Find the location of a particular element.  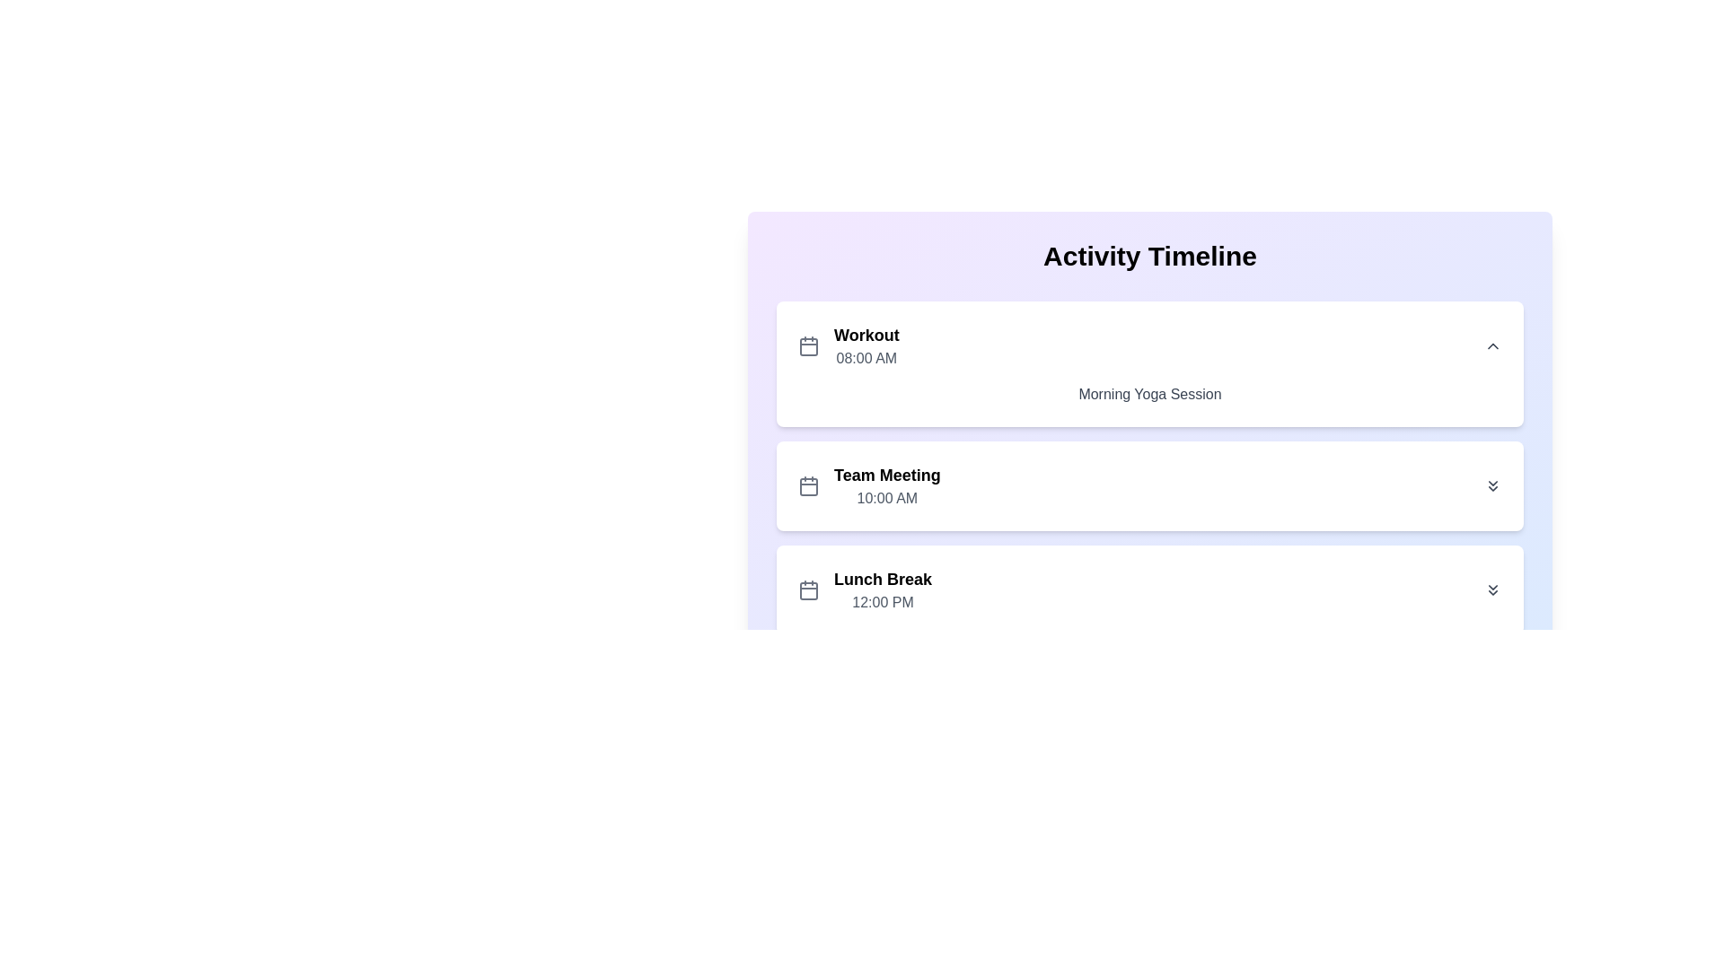

the second card in the vertical list of activities, which represents a scheduled meeting with its title and time, located below the 'Workout' activity and above the 'Lunch Break' activity is located at coordinates (869, 486).